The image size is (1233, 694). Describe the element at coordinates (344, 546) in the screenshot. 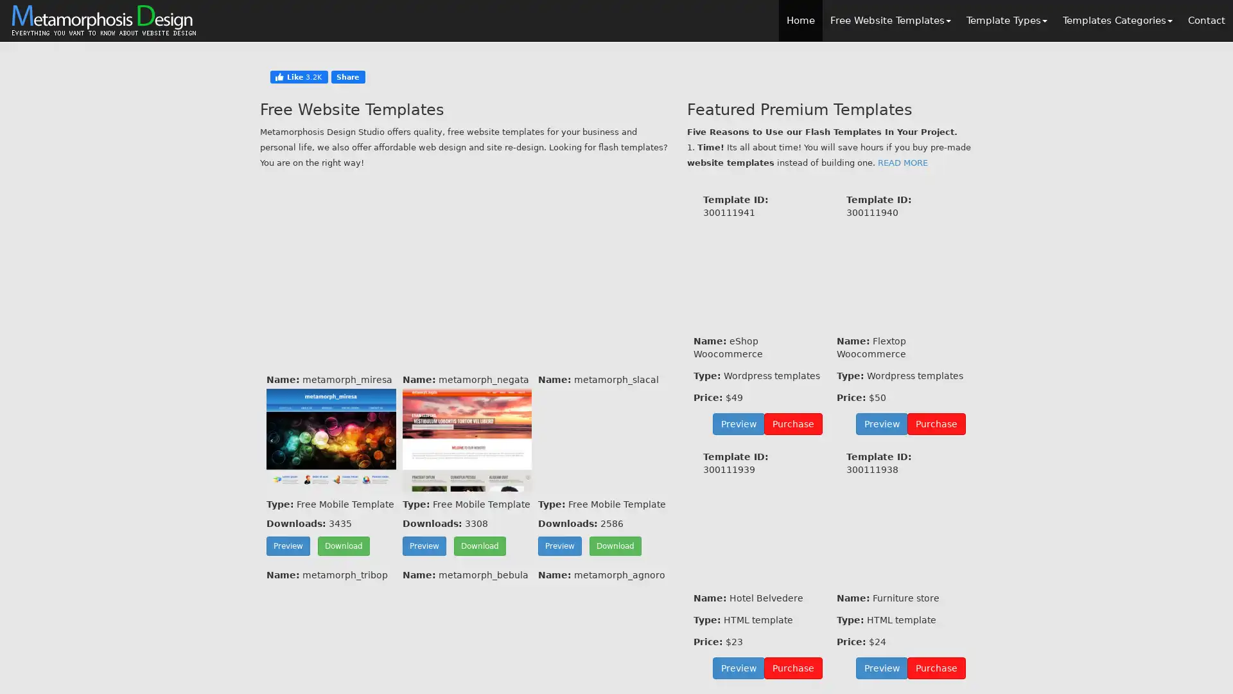

I see `Download` at that location.